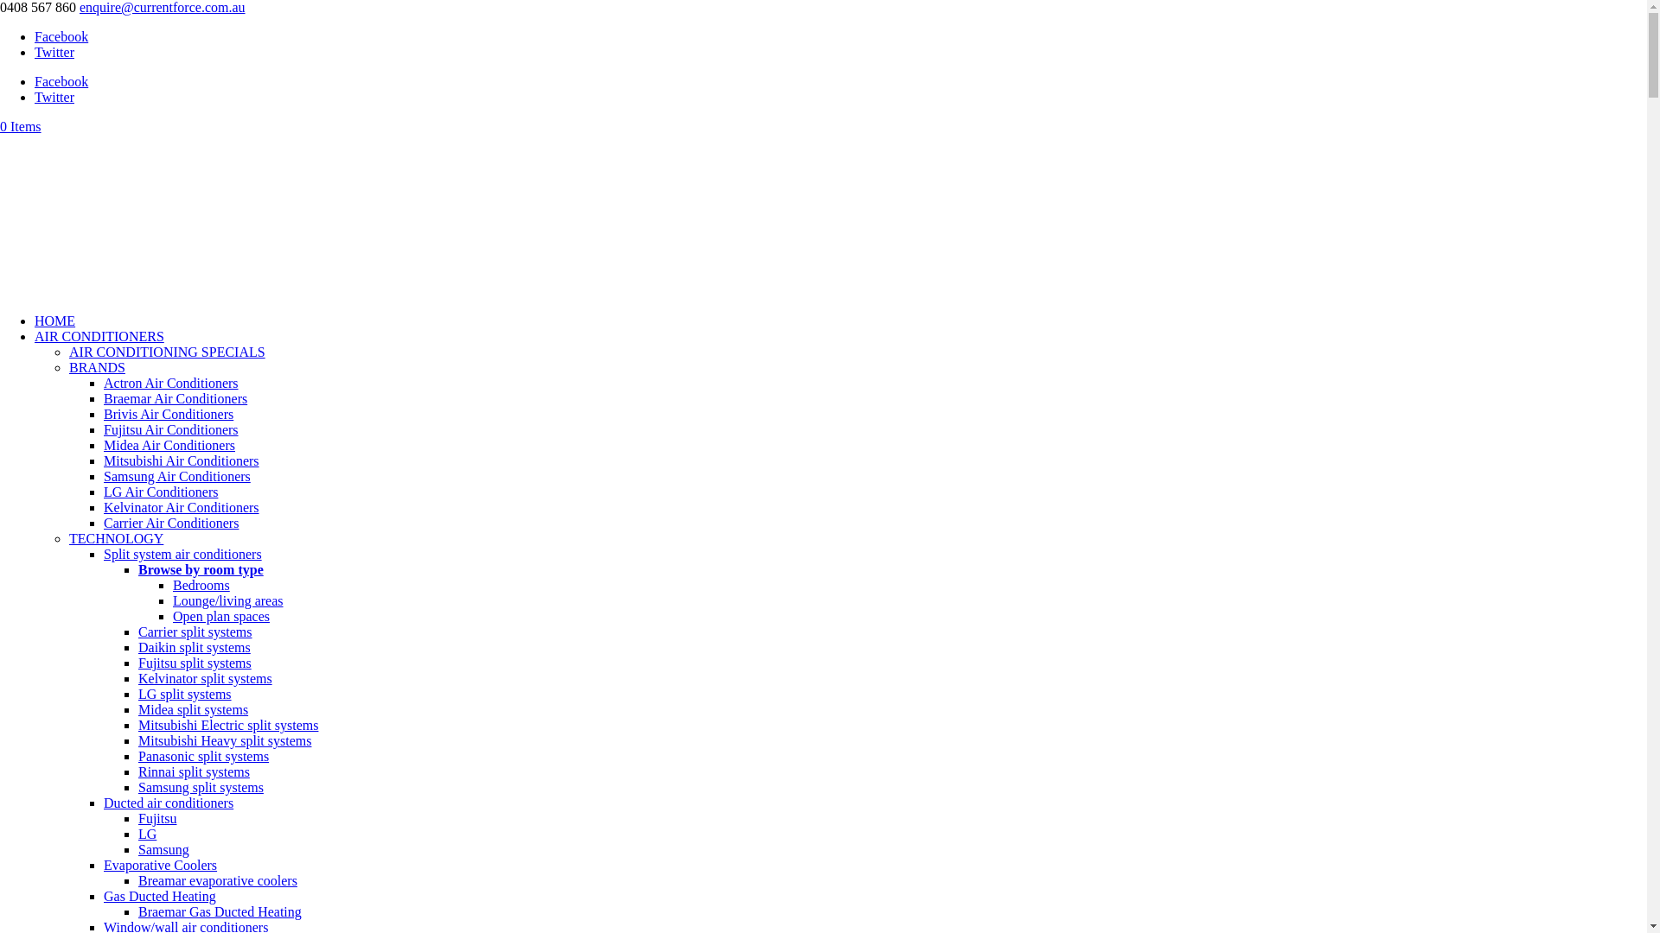 The image size is (1660, 933). I want to click on 'Facebook', so click(34, 36).